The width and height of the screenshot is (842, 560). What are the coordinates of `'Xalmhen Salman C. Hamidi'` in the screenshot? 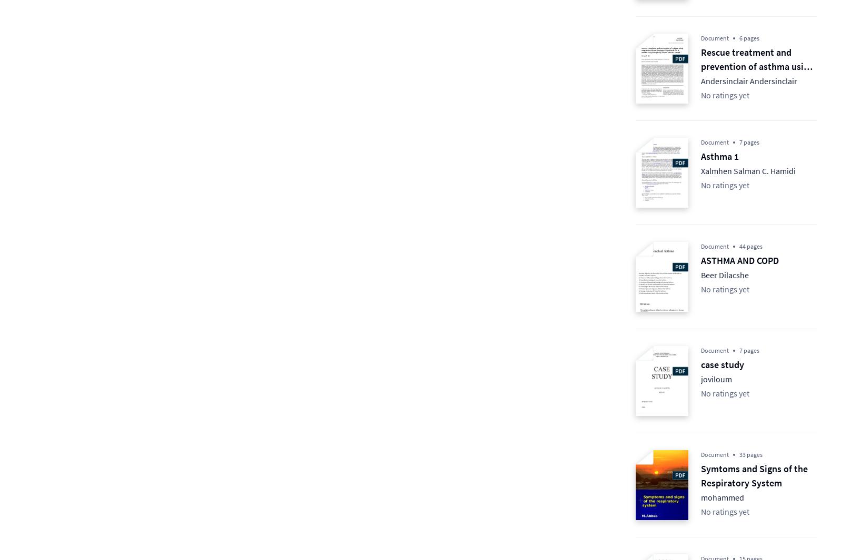 It's located at (700, 170).